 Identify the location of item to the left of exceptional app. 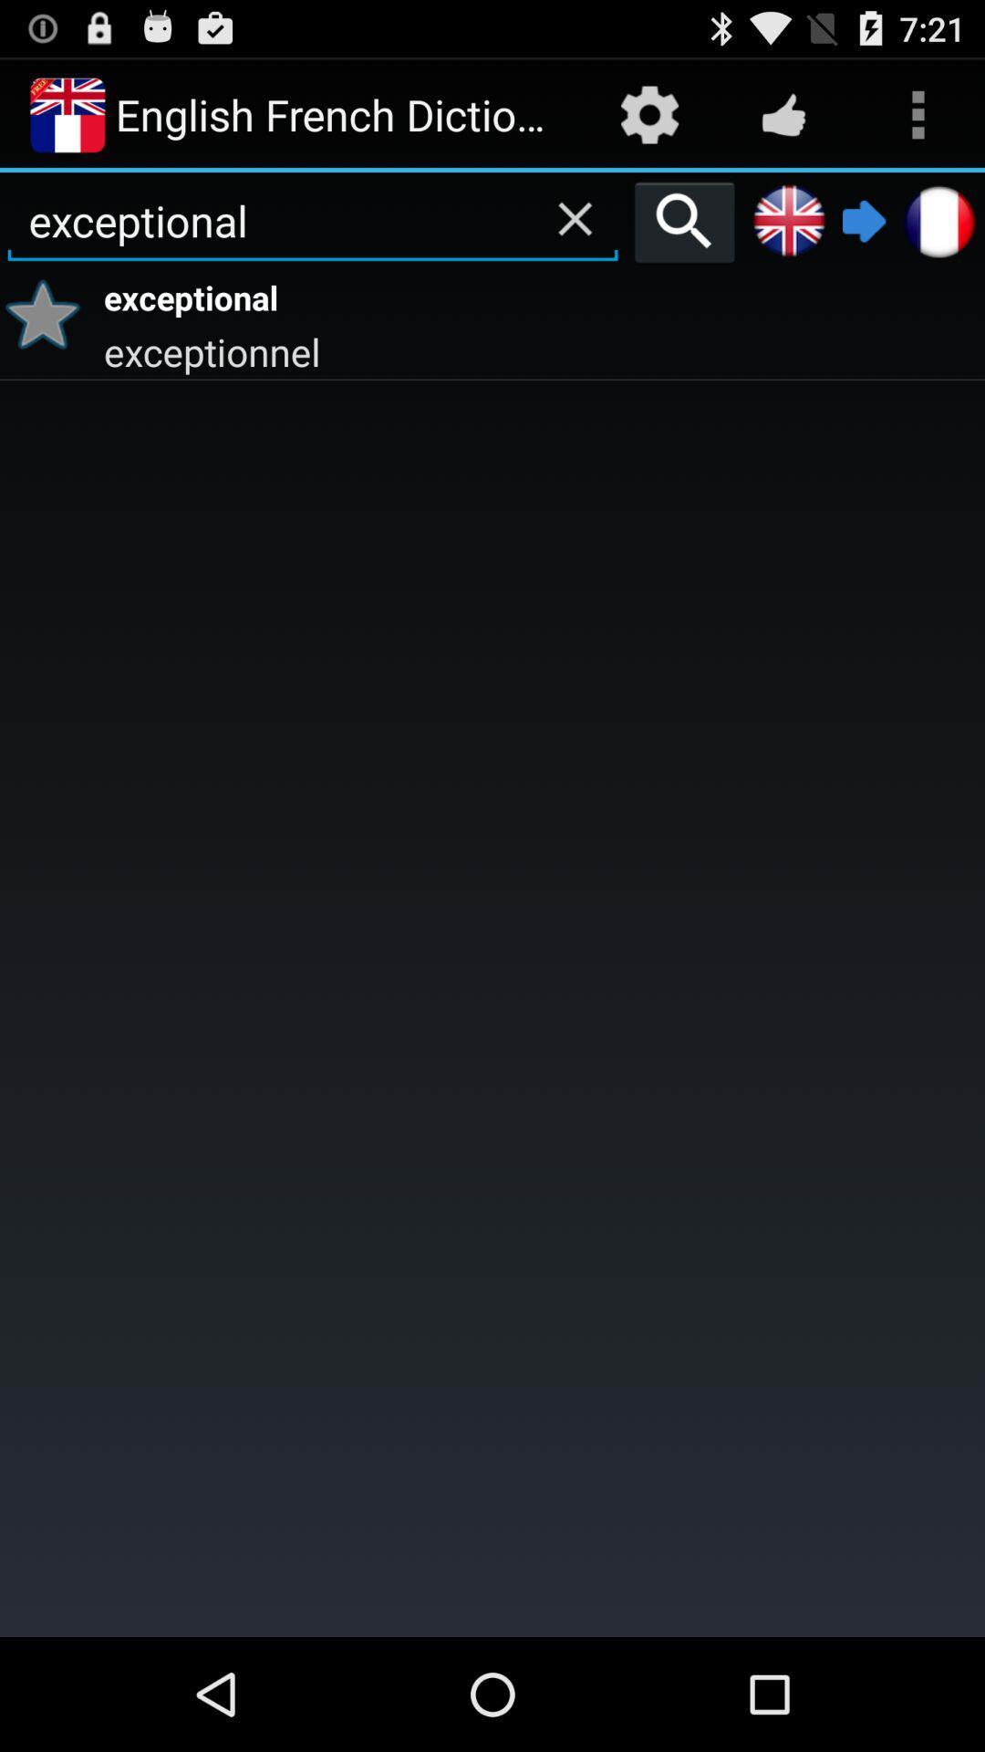
(48, 314).